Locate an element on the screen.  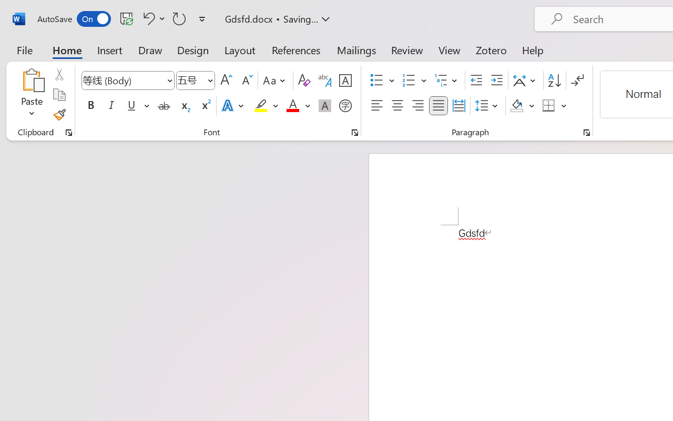
'Subscript' is located at coordinates (184, 106).